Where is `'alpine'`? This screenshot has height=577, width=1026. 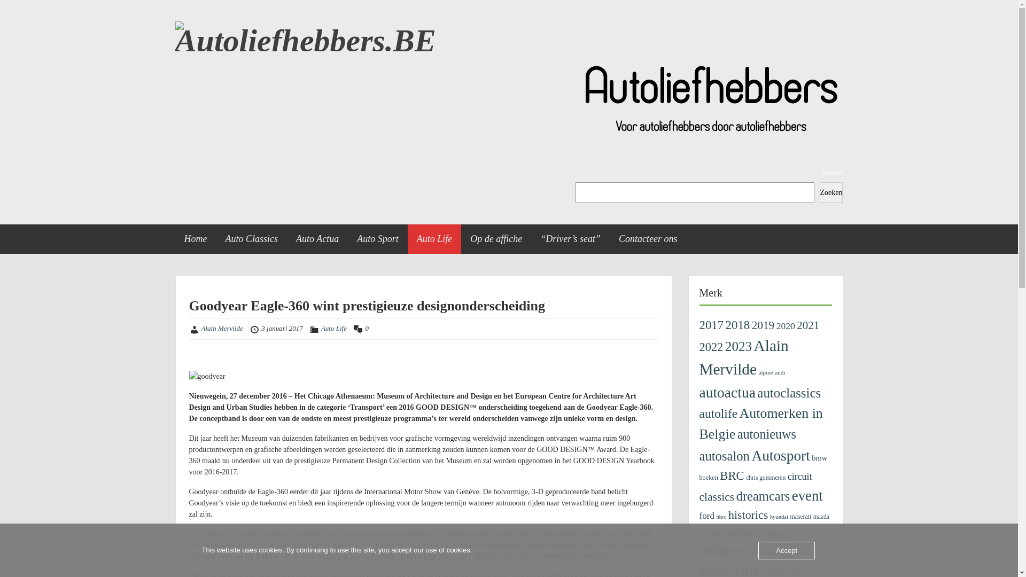
'alpine' is located at coordinates (765, 372).